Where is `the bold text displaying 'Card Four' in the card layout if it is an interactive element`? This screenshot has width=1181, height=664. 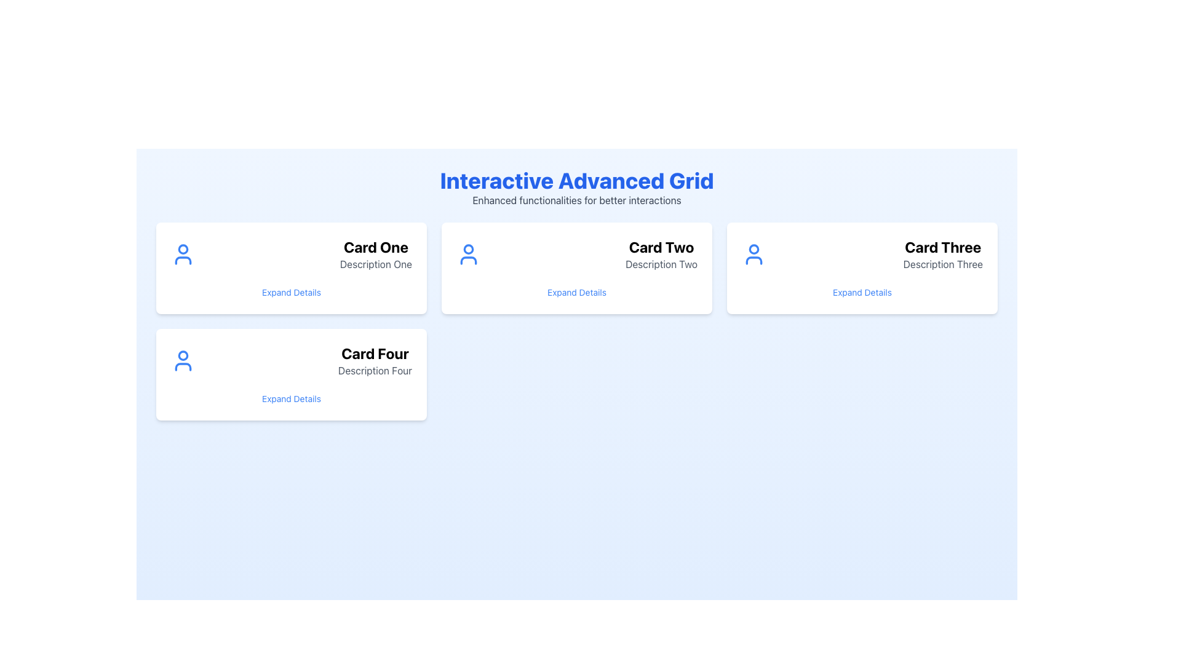
the bold text displaying 'Card Four' in the card layout if it is an interactive element is located at coordinates (374, 353).